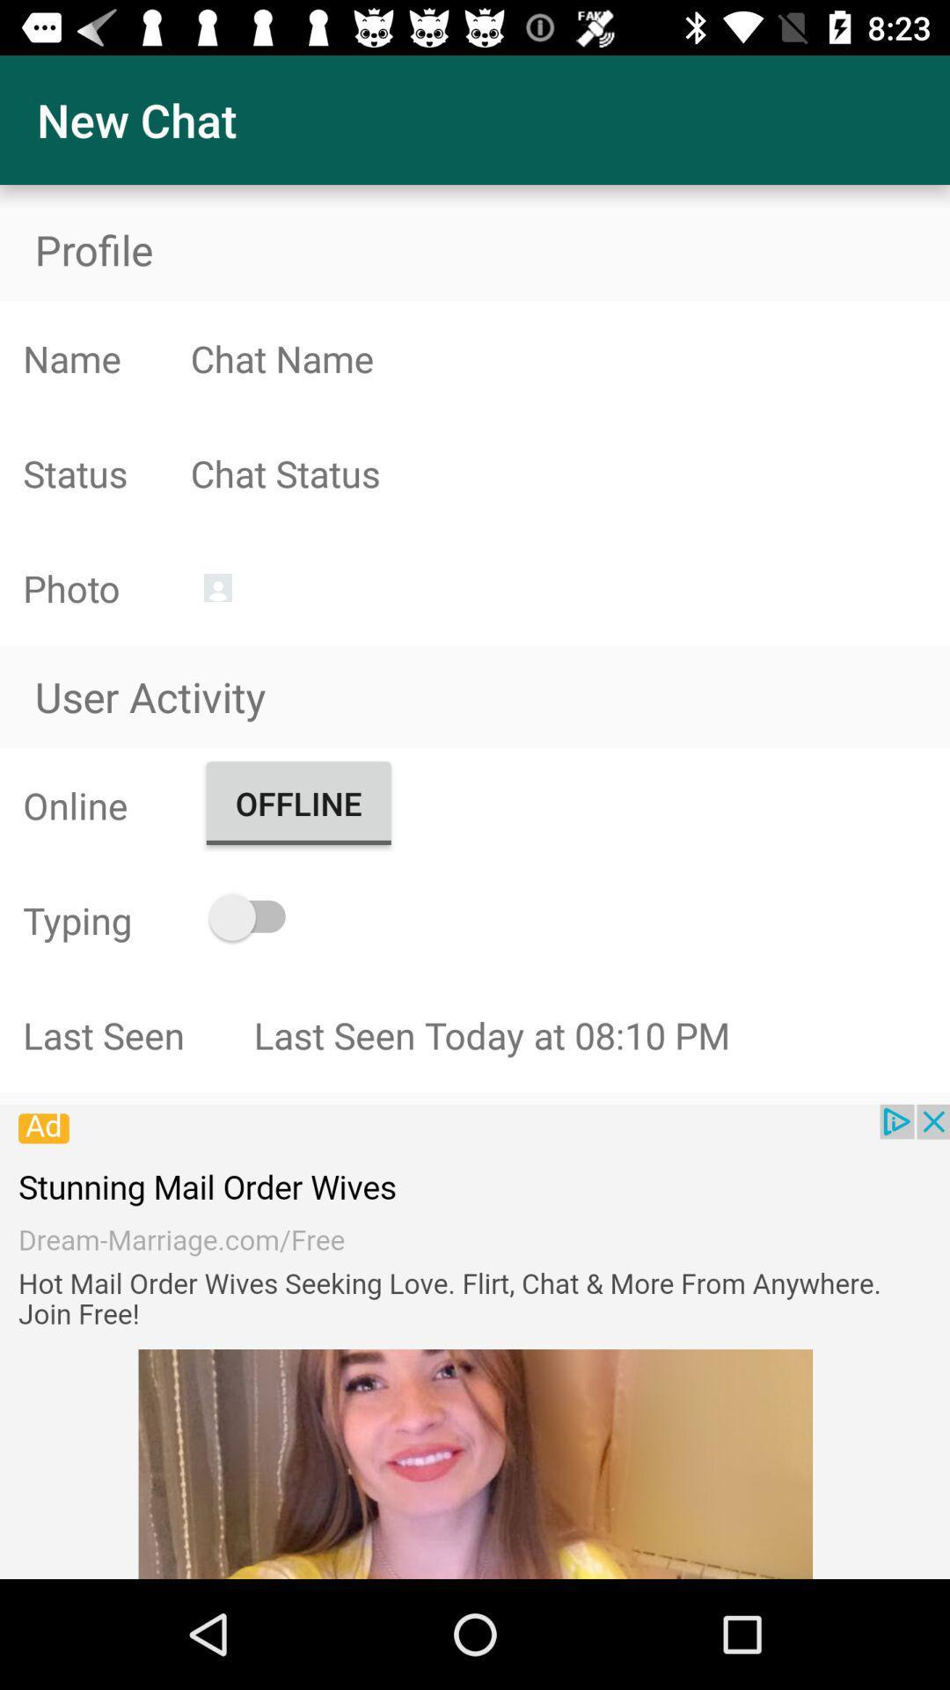 This screenshot has height=1690, width=950. Describe the element at coordinates (570, 357) in the screenshot. I see `chat name` at that location.